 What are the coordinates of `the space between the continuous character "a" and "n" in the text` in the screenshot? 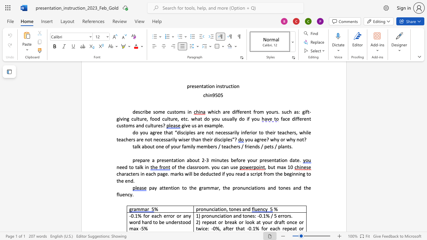 It's located at (186, 216).